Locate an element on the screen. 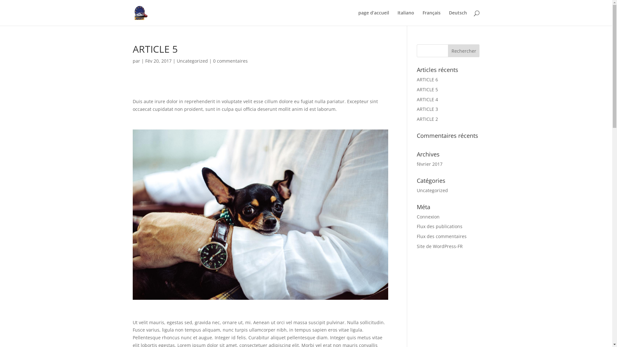  'Connexion' is located at coordinates (428, 217).